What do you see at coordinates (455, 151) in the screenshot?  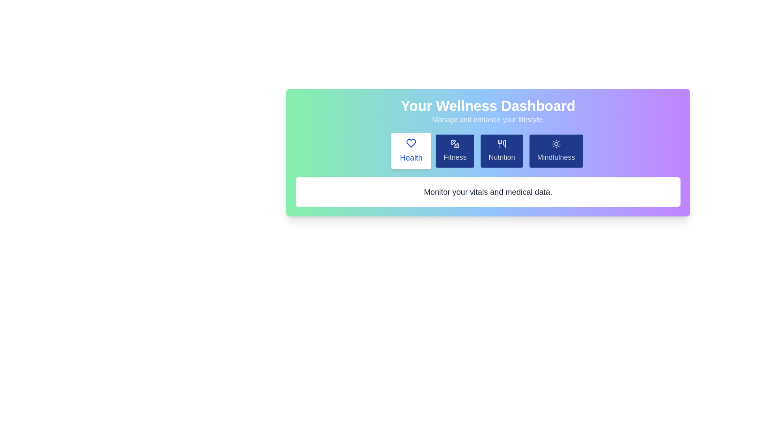 I see `the tab labeled Fitness to preview its hover state` at bounding box center [455, 151].